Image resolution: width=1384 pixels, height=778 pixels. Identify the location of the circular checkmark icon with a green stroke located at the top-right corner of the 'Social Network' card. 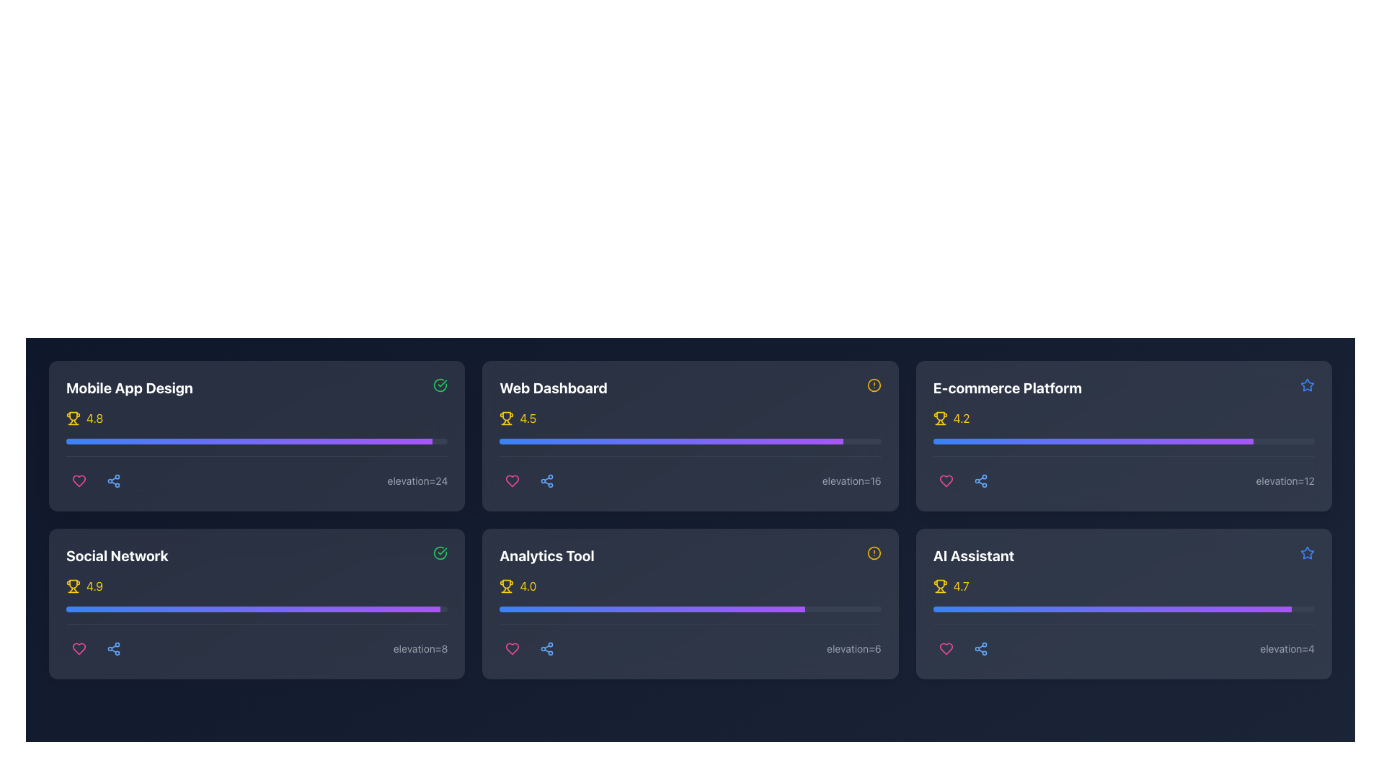
(440, 552).